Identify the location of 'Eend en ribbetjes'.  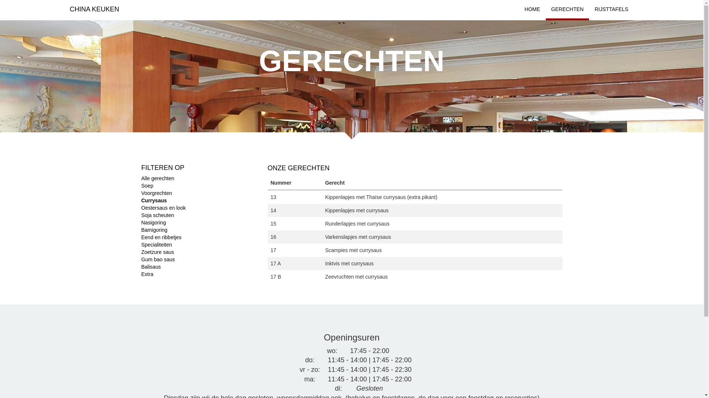
(161, 237).